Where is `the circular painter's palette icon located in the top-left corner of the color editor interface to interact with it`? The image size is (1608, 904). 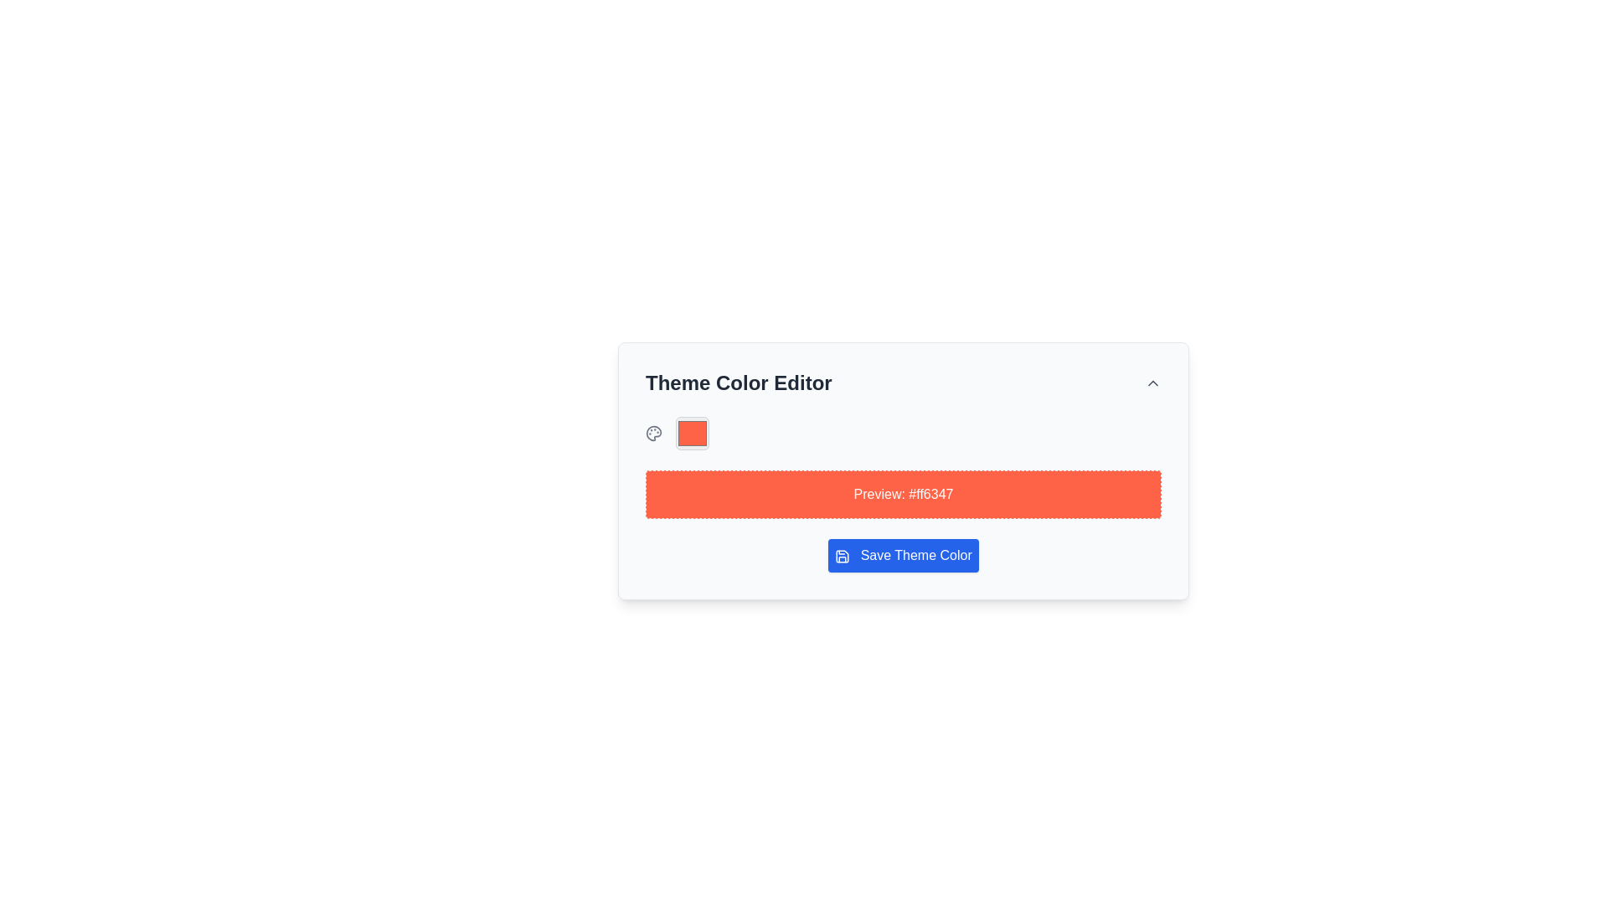
the circular painter's palette icon located in the top-left corner of the color editor interface to interact with it is located at coordinates (653, 432).